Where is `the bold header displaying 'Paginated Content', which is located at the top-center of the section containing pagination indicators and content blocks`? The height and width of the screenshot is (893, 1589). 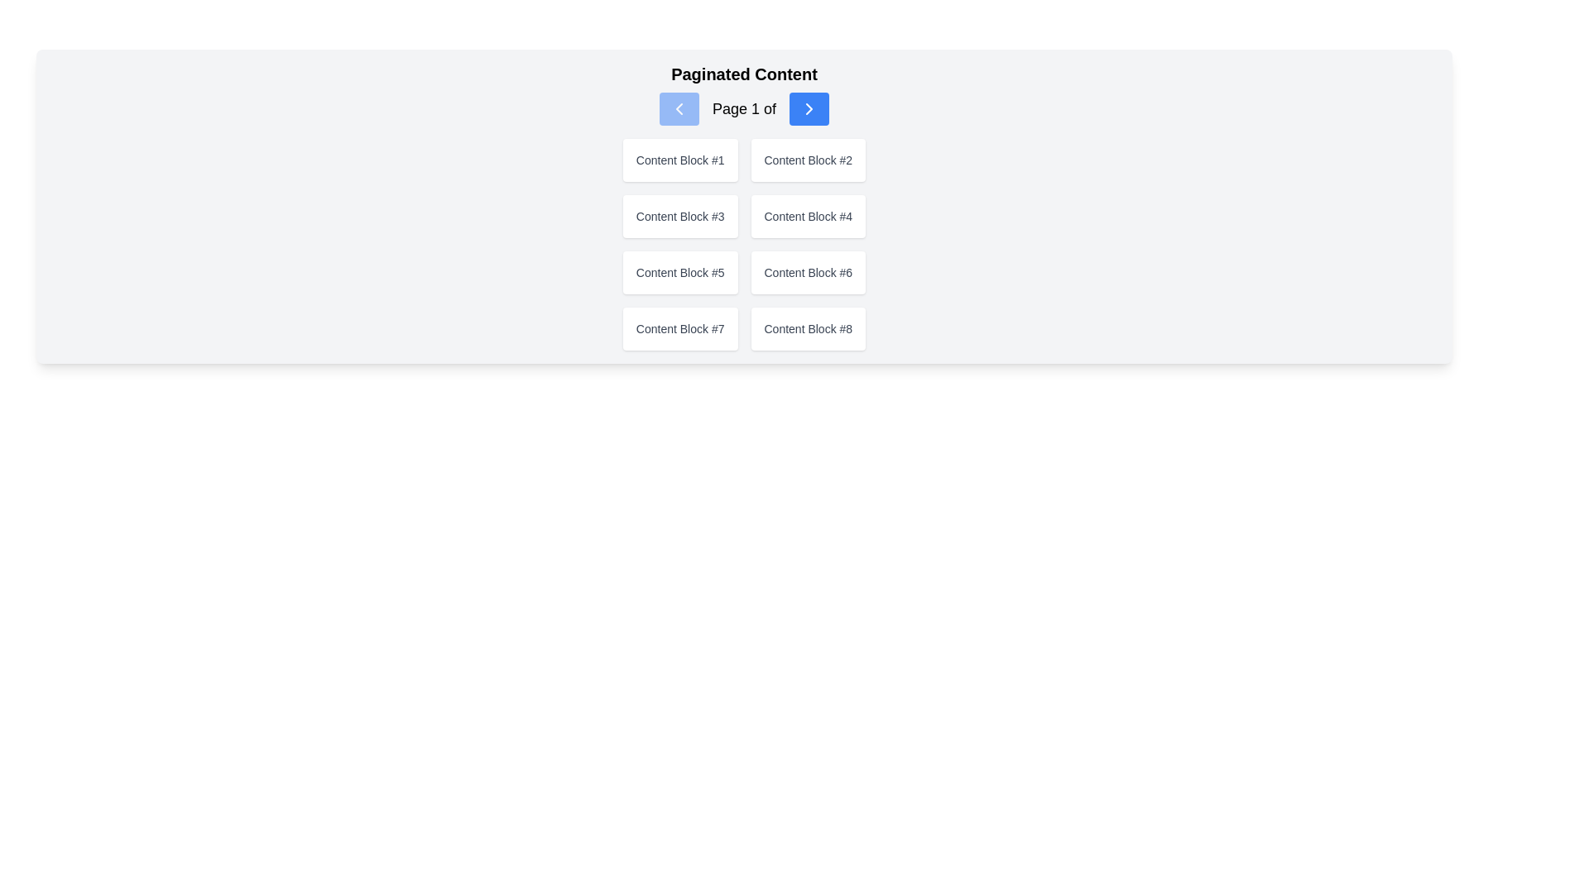 the bold header displaying 'Paginated Content', which is located at the top-center of the section containing pagination indicators and content blocks is located at coordinates (743, 73).